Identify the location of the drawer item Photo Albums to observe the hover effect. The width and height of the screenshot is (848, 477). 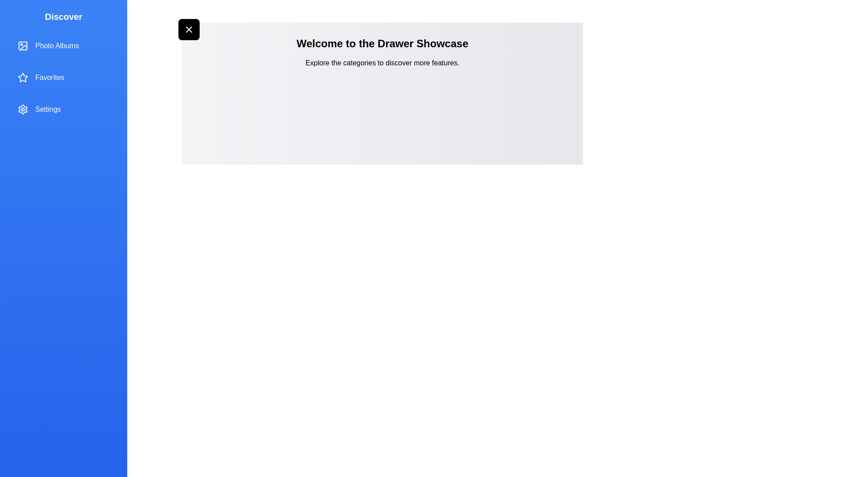
(63, 46).